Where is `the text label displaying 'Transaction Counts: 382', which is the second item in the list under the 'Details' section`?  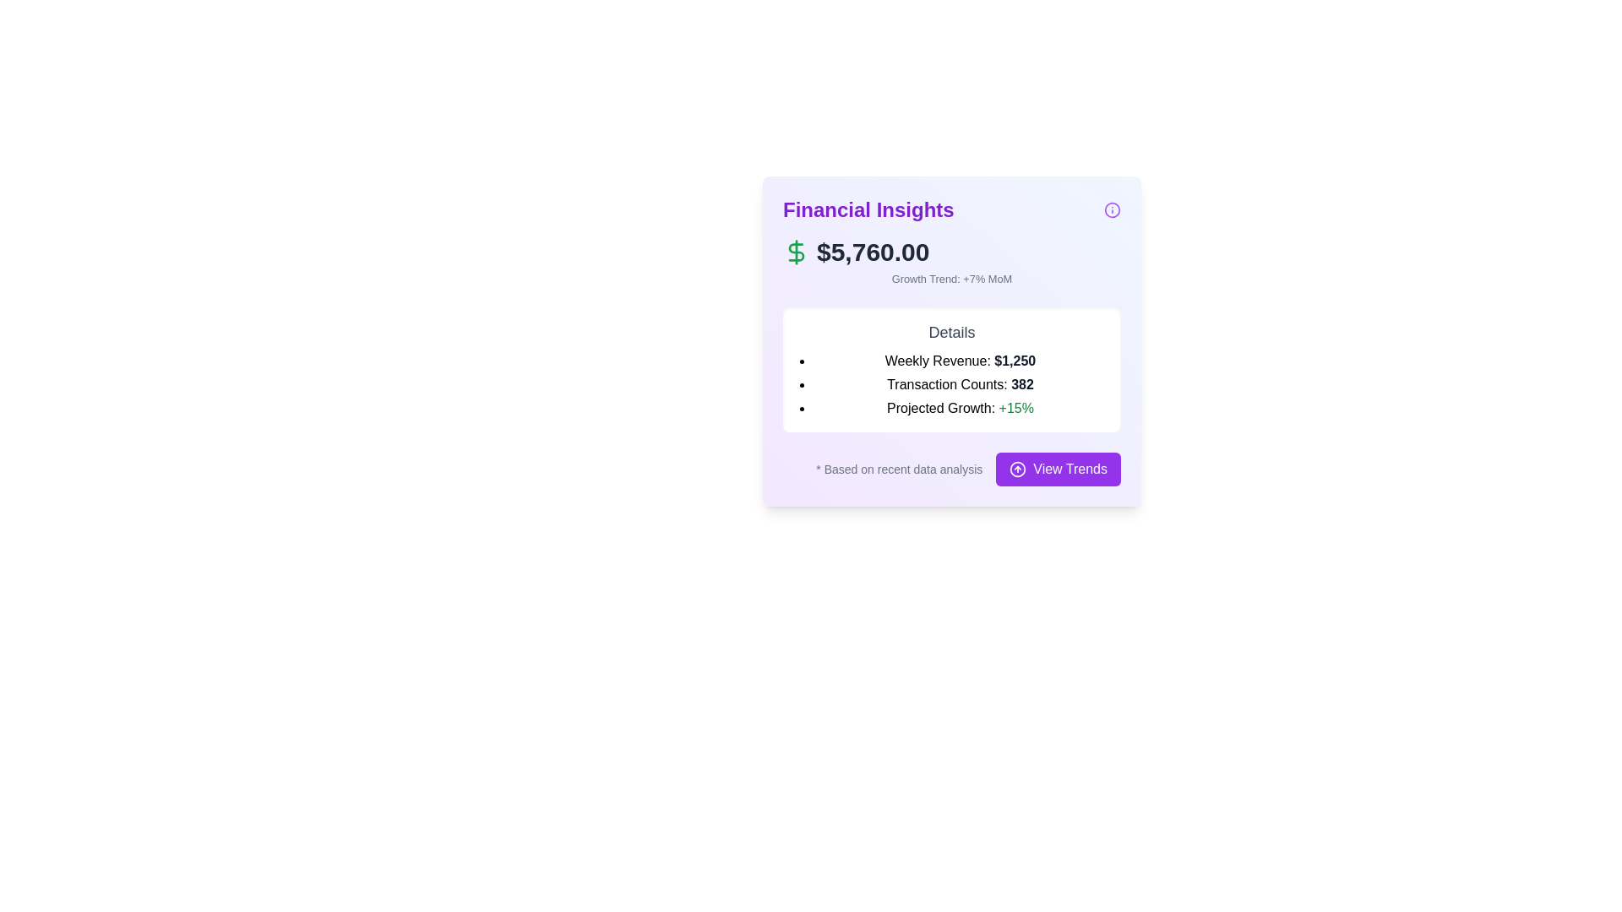 the text label displaying 'Transaction Counts: 382', which is the second item in the list under the 'Details' section is located at coordinates (961, 384).